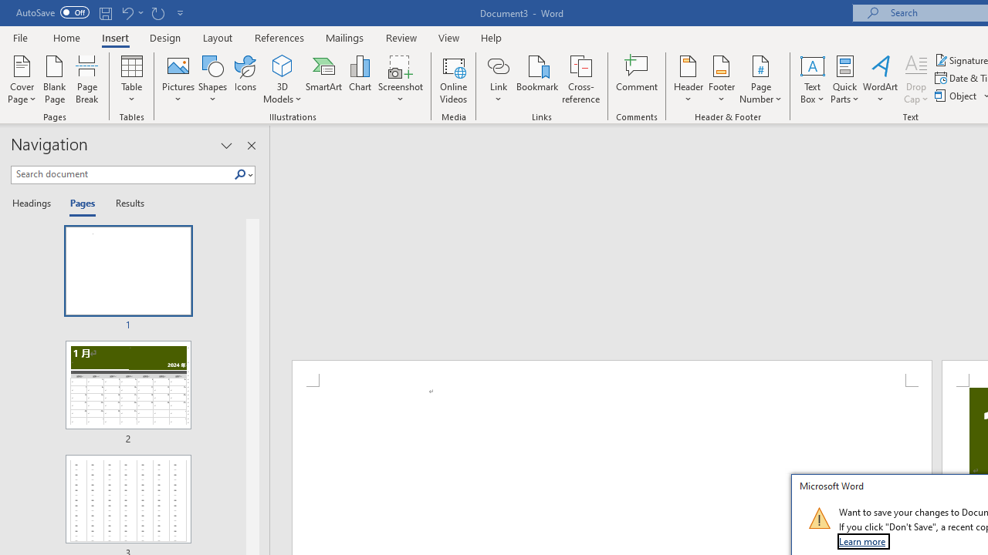  Describe the element at coordinates (862, 540) in the screenshot. I see `'Learn more'` at that location.